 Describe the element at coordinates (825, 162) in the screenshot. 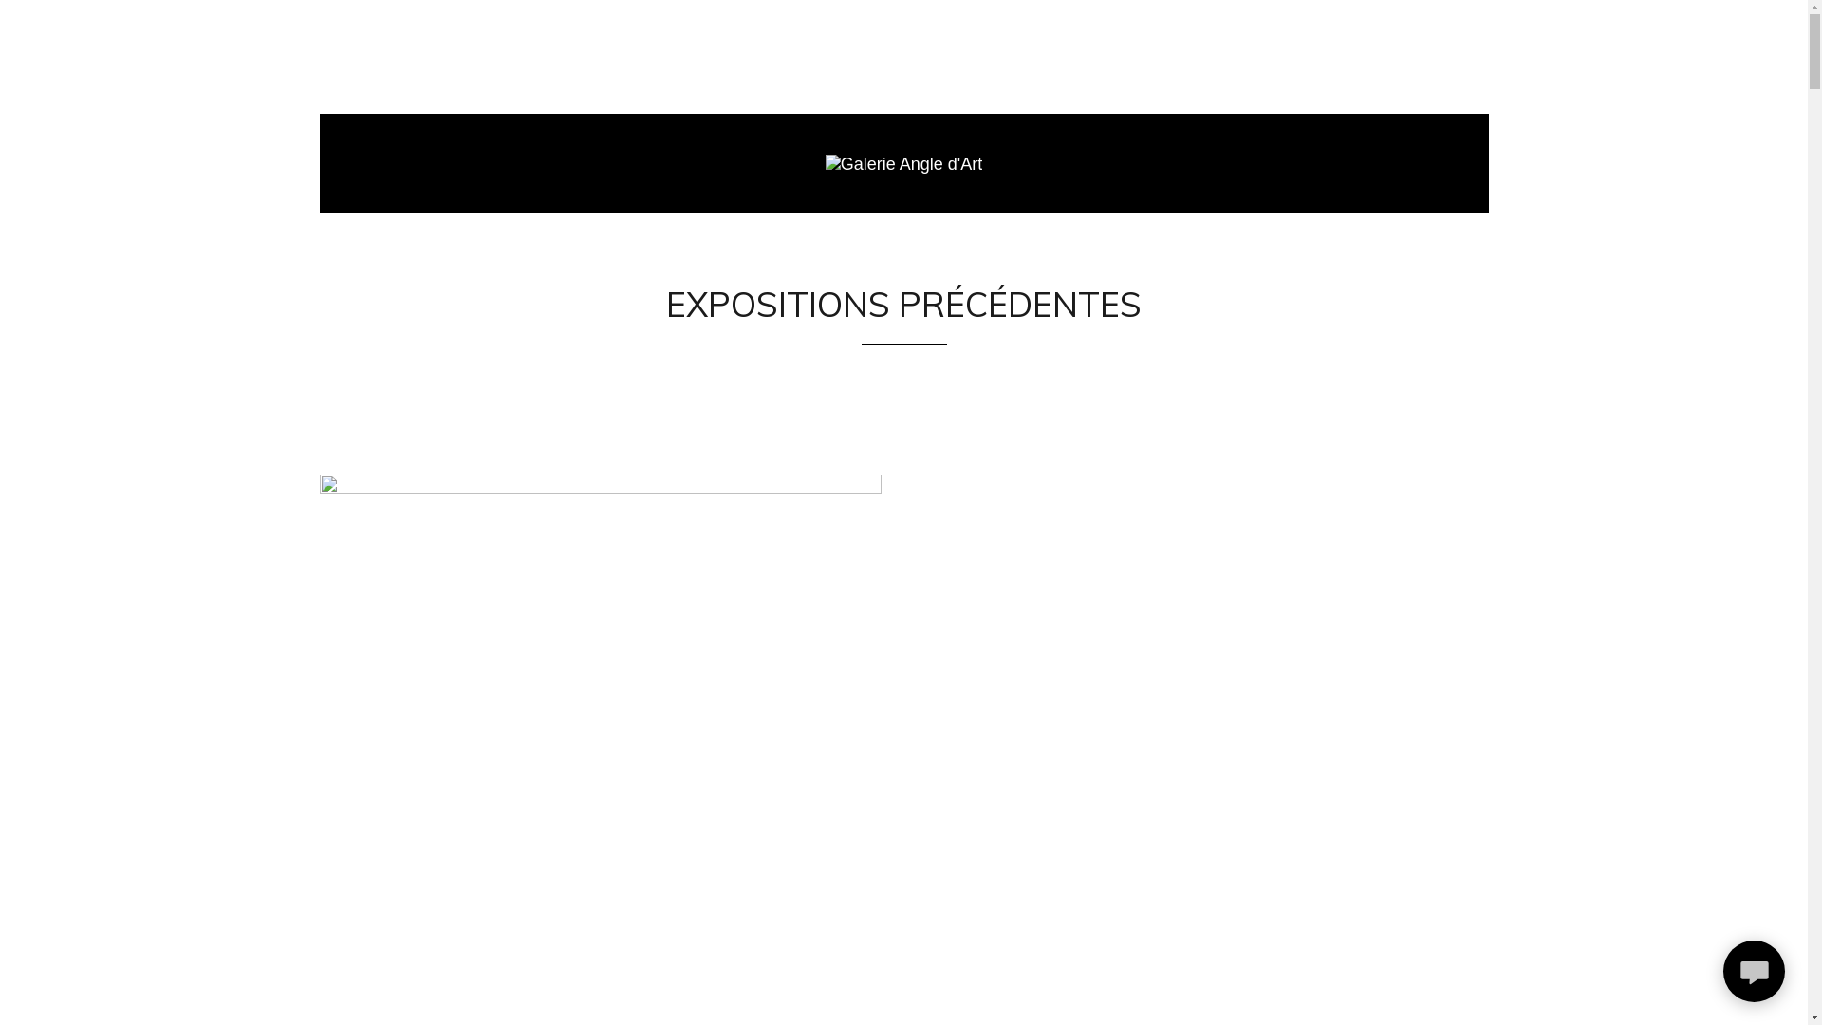

I see `'Galerie Angle d'Art'` at that location.